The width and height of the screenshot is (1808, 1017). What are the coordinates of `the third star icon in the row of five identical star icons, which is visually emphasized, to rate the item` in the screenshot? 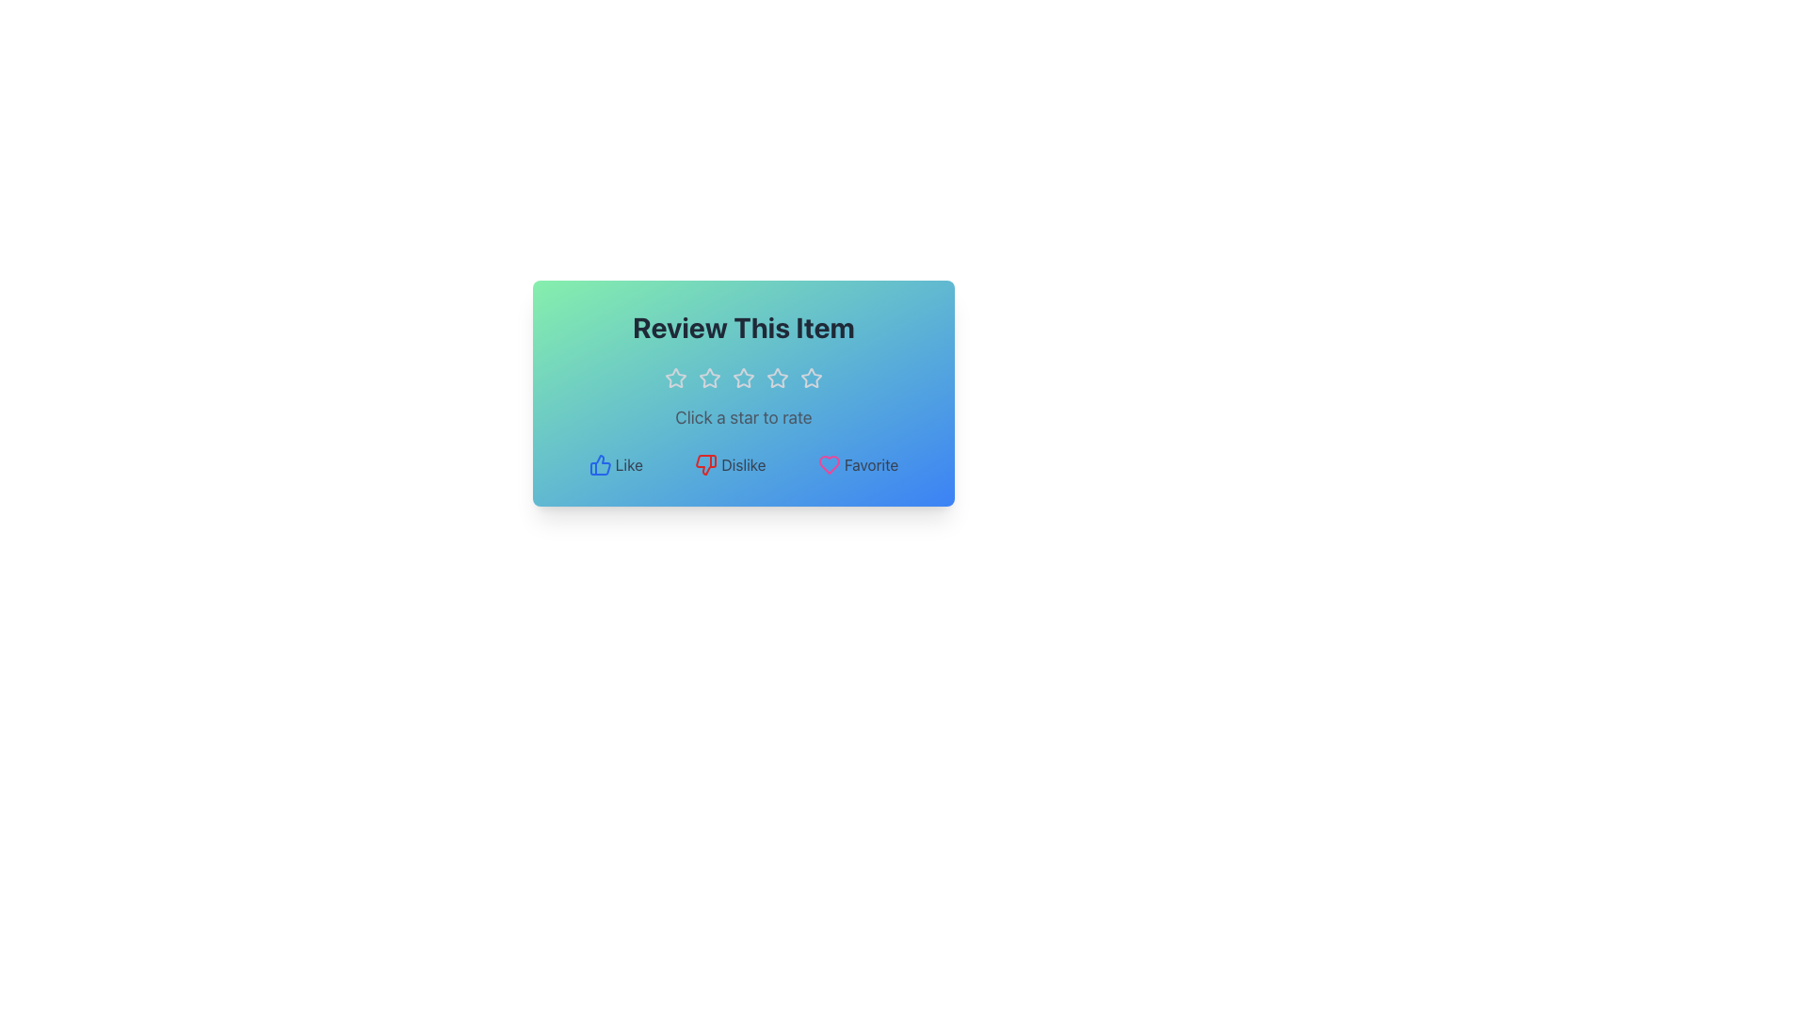 It's located at (743, 378).